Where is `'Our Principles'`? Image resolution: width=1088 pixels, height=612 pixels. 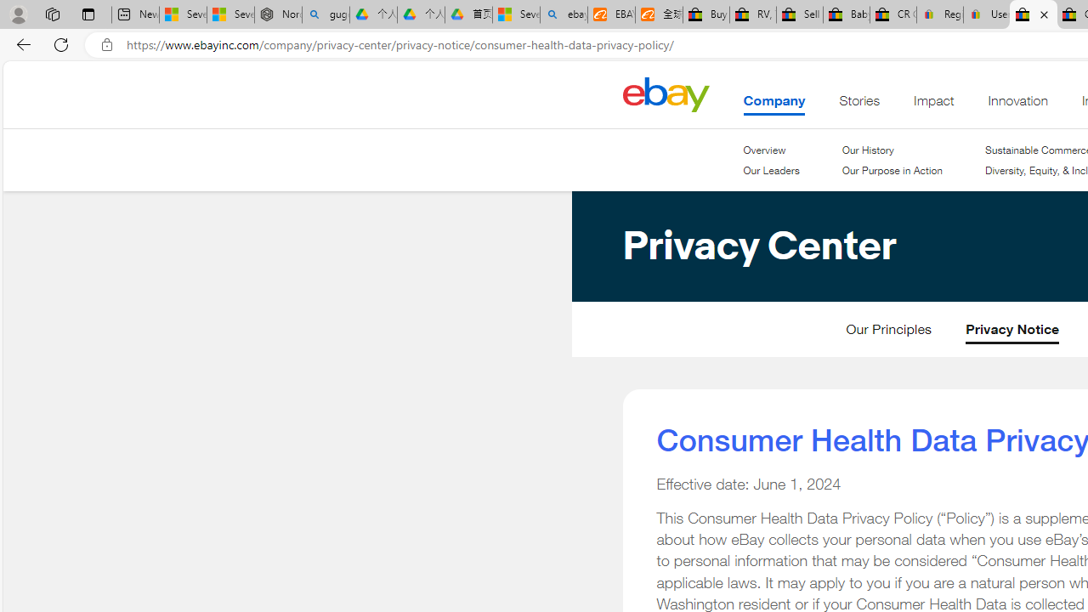 'Our Principles' is located at coordinates (887, 332).